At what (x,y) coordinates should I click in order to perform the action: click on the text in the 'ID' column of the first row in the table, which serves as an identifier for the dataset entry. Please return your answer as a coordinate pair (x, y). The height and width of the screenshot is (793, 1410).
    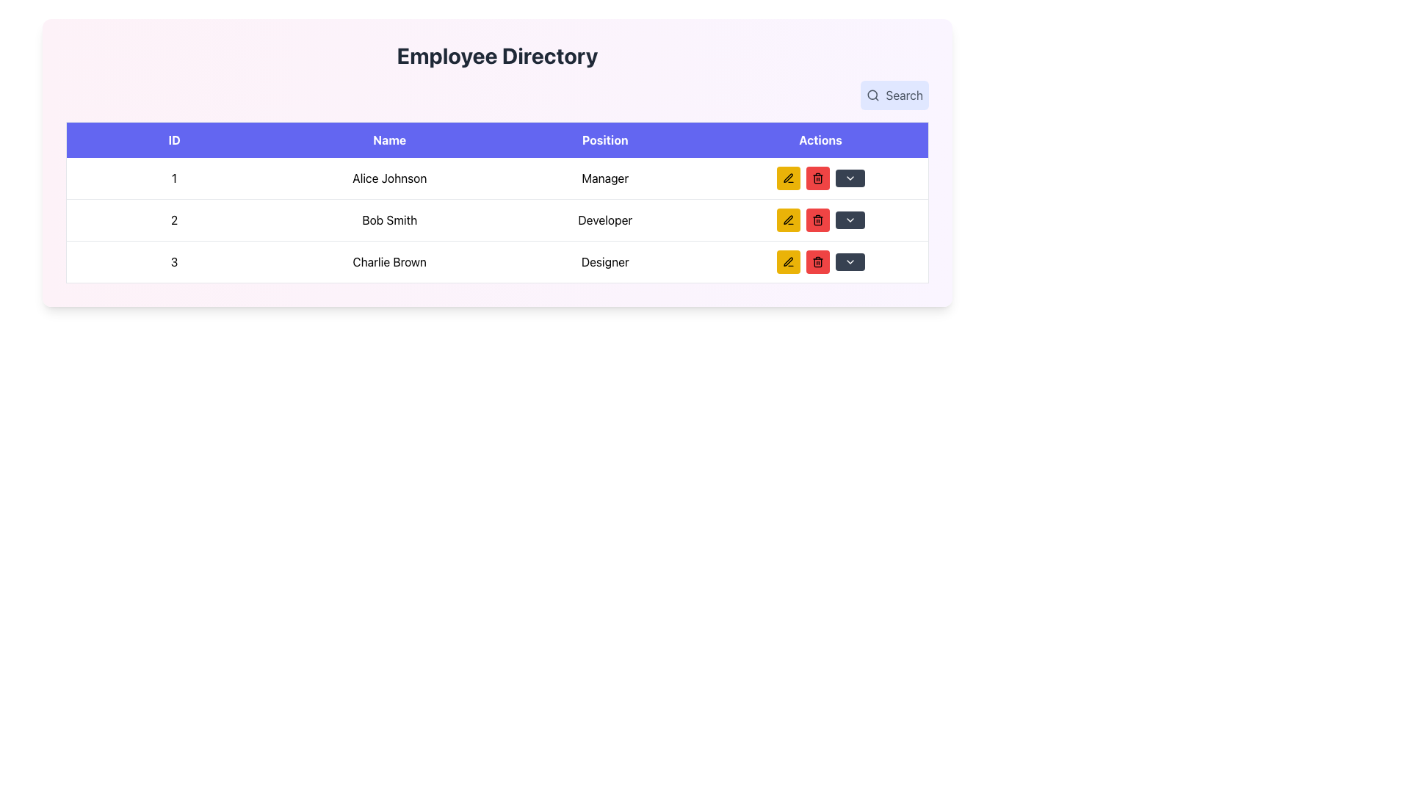
    Looking at the image, I should click on (174, 178).